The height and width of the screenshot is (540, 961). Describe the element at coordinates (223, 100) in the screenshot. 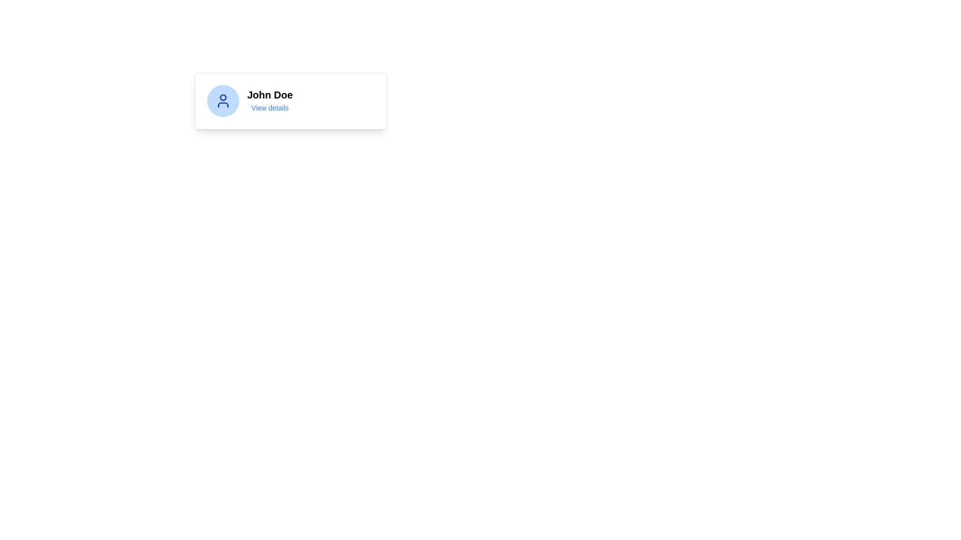

I see `the decorative user icon located to the left of 'John Doe' text and 'View details' link` at that location.